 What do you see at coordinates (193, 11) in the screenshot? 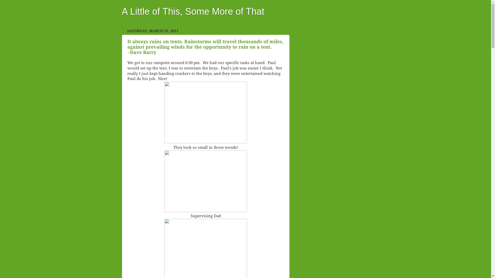
I see `'A Little of This, Some More of That'` at bounding box center [193, 11].